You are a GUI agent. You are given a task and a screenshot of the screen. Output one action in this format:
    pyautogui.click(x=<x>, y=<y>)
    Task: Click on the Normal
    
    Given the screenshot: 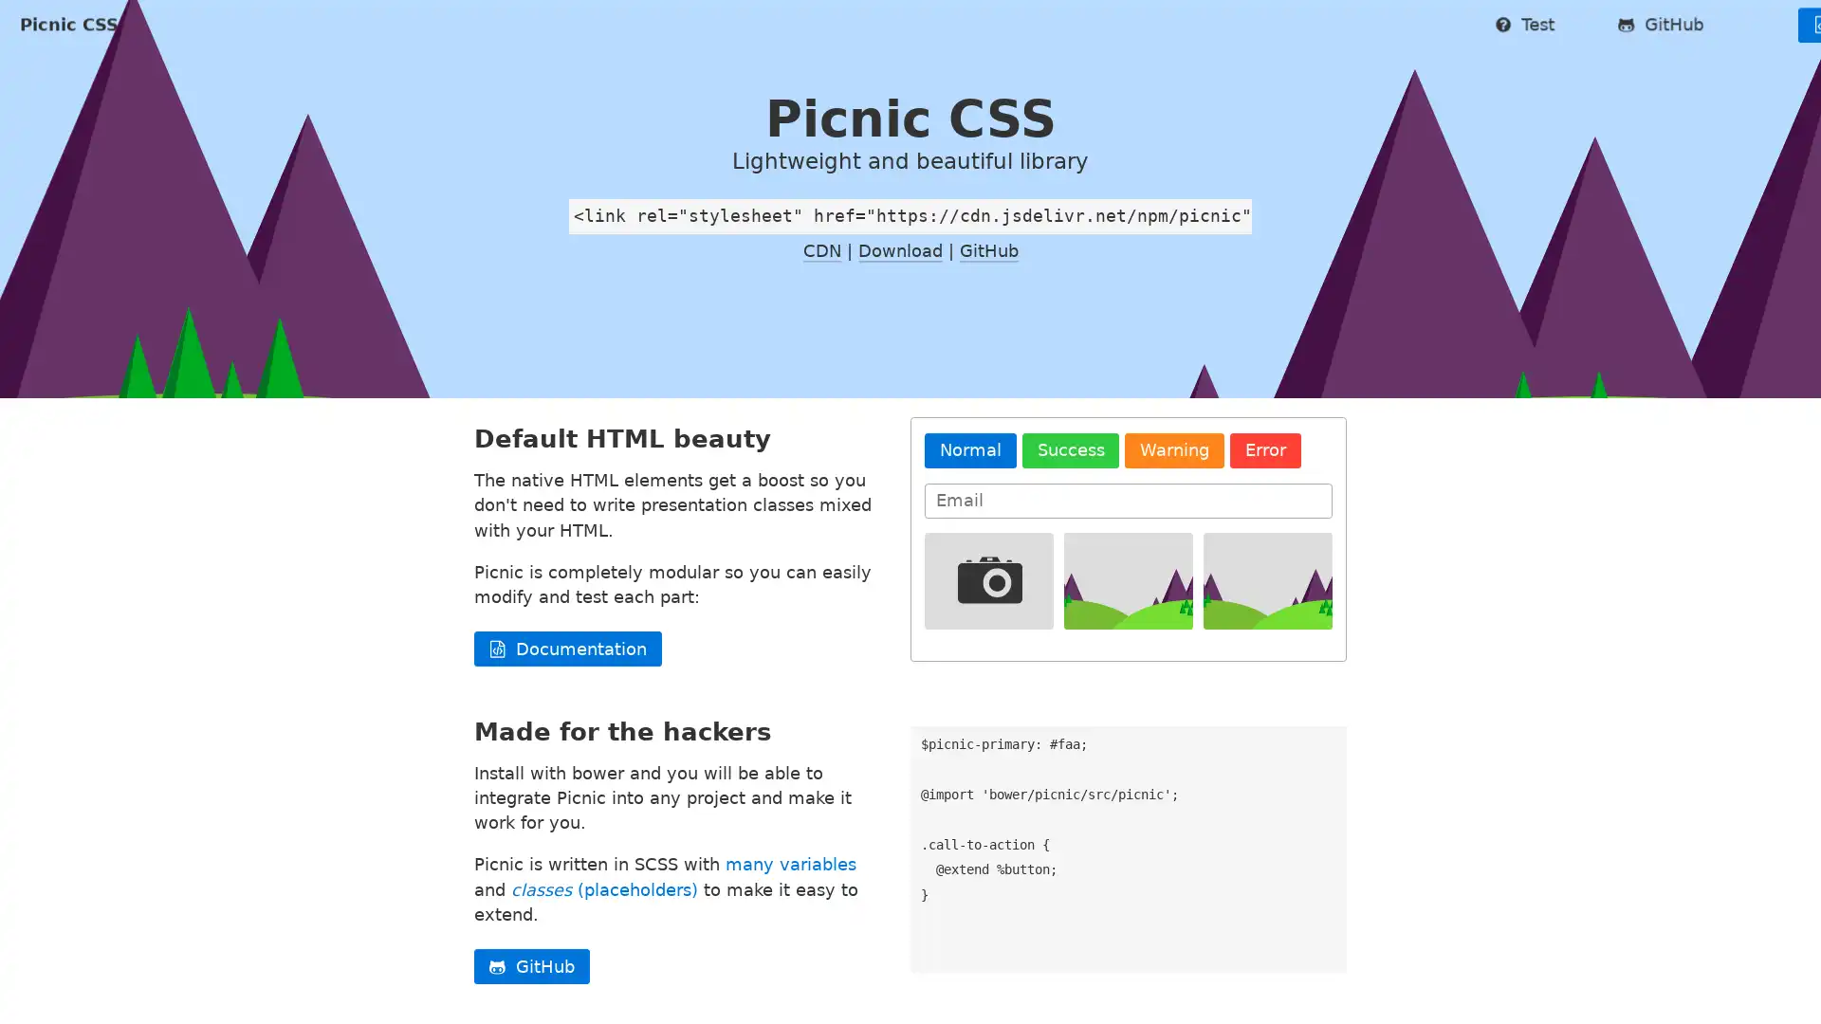 What is the action you would take?
    pyautogui.click(x=969, y=505)
    